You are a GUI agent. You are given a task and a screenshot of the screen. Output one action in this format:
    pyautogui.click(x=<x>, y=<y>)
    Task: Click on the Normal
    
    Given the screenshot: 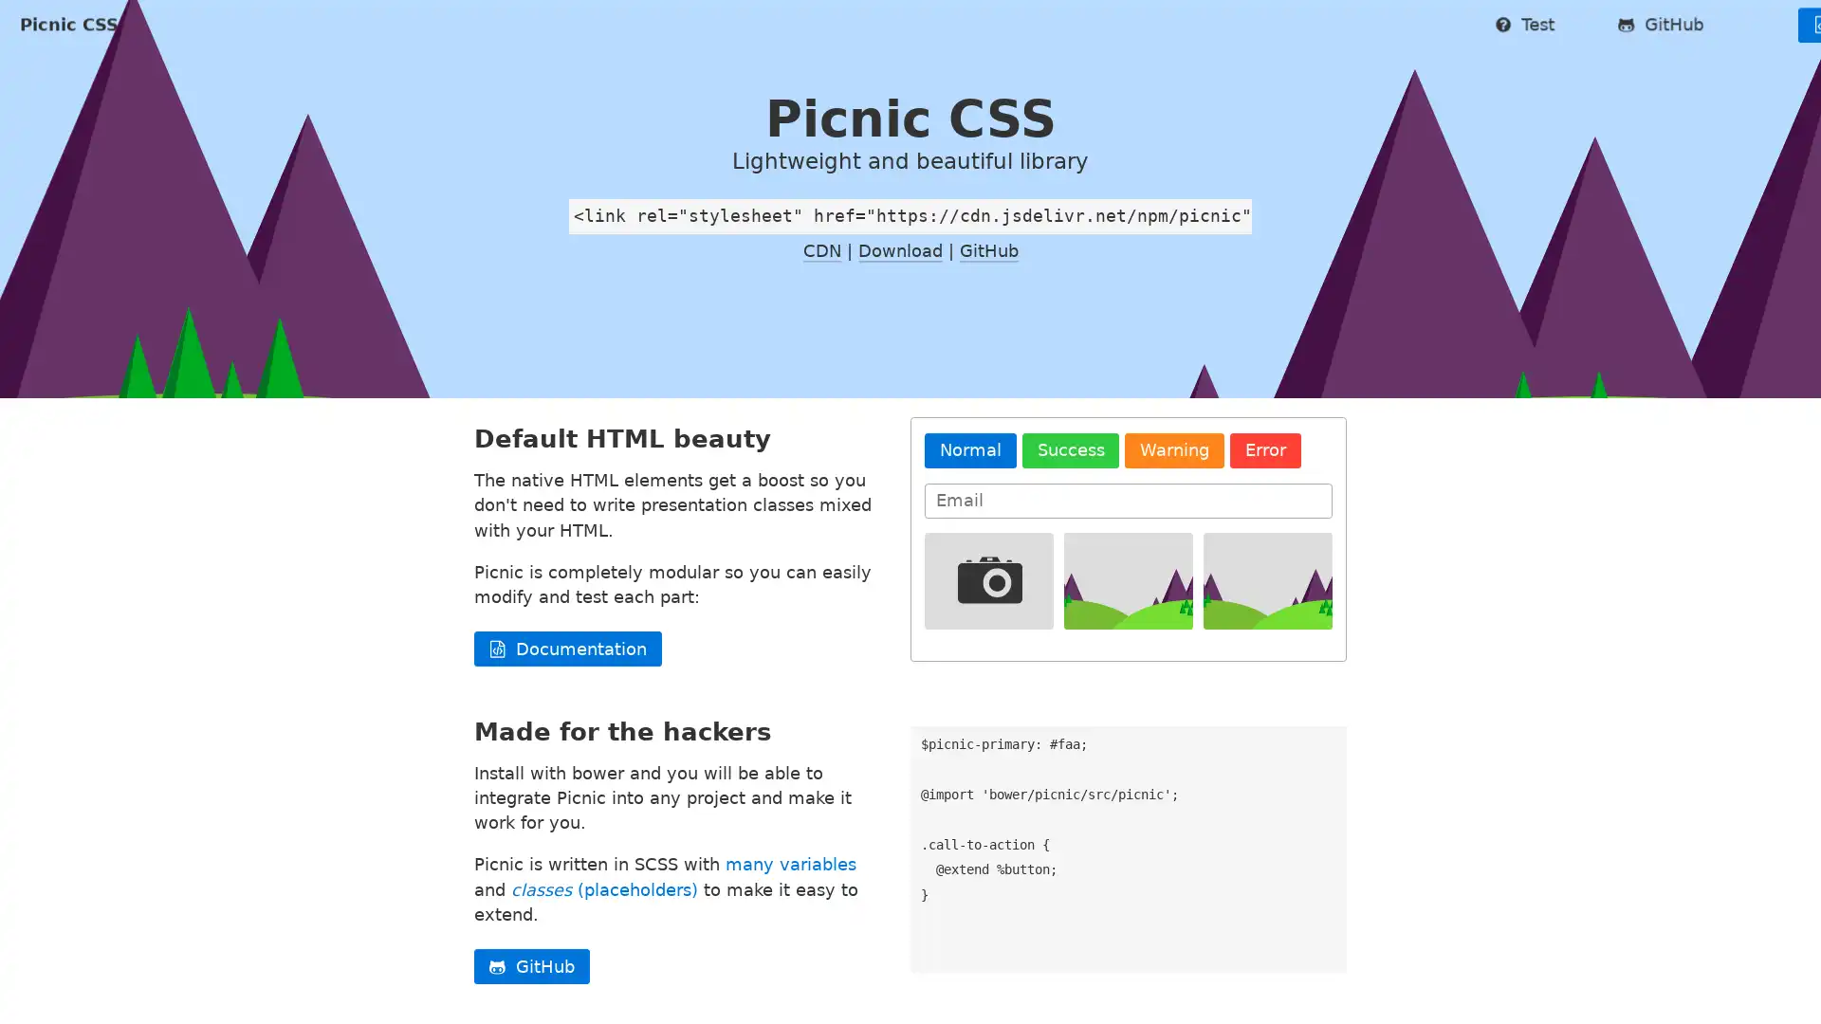 What is the action you would take?
    pyautogui.click(x=969, y=505)
    